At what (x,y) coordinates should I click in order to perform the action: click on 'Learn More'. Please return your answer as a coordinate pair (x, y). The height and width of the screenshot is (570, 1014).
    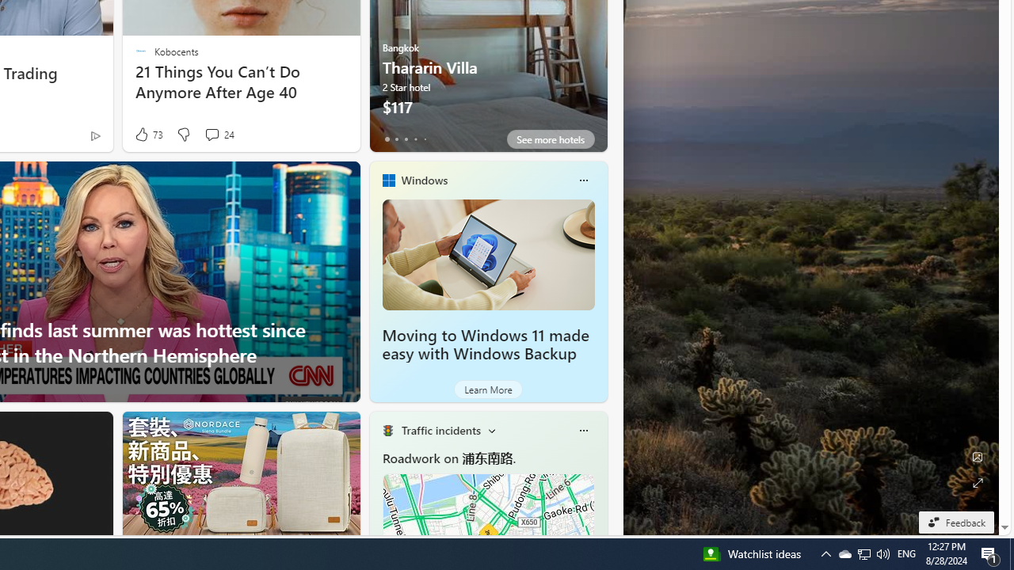
    Looking at the image, I should click on (487, 389).